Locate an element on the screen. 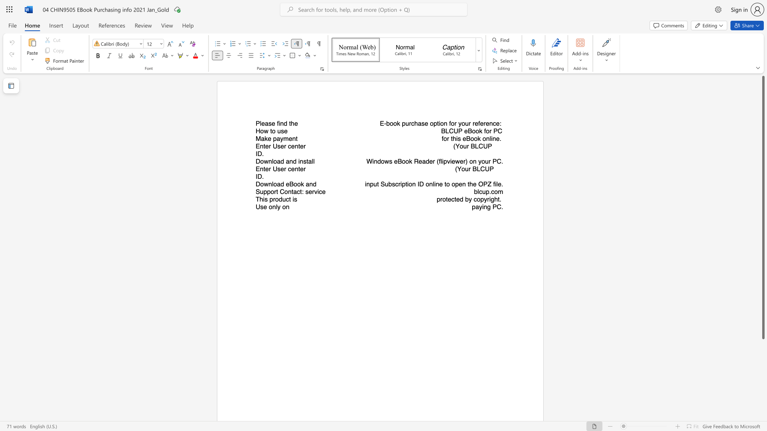 This screenshot has width=767, height=431. the subset text "aying PC" within the text "paying PC." is located at coordinates (475, 206).